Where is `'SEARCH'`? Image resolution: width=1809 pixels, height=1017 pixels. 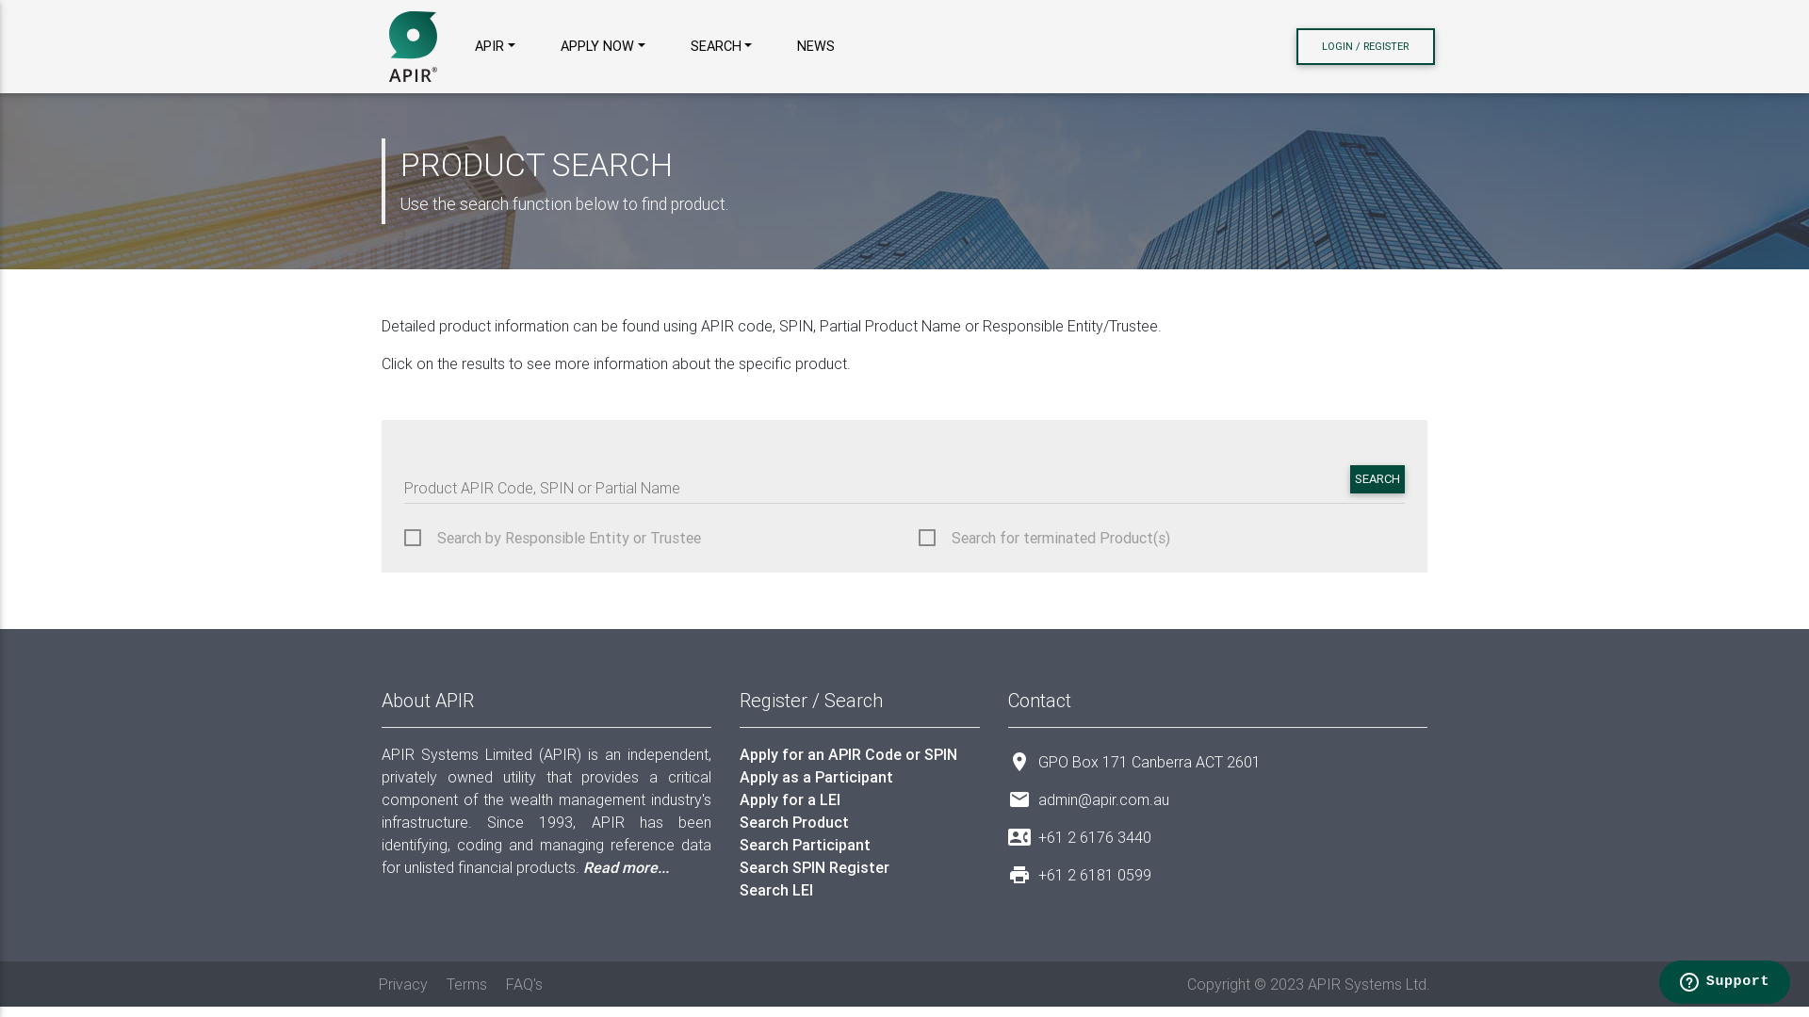
'SEARCH' is located at coordinates (1377, 478).